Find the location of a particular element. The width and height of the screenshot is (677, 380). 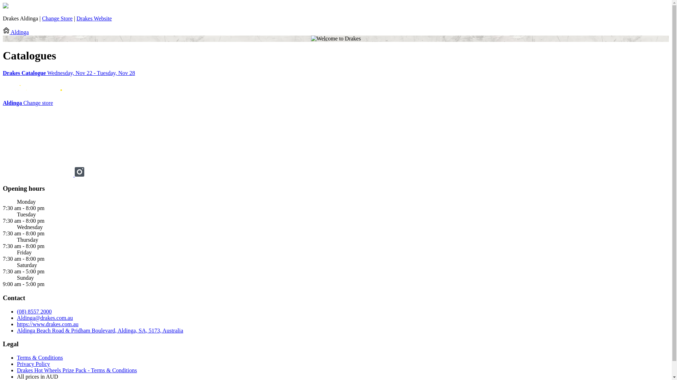

'Drakes Hot Wheels Prize Pack - Terms & Conditions' is located at coordinates (77, 370).